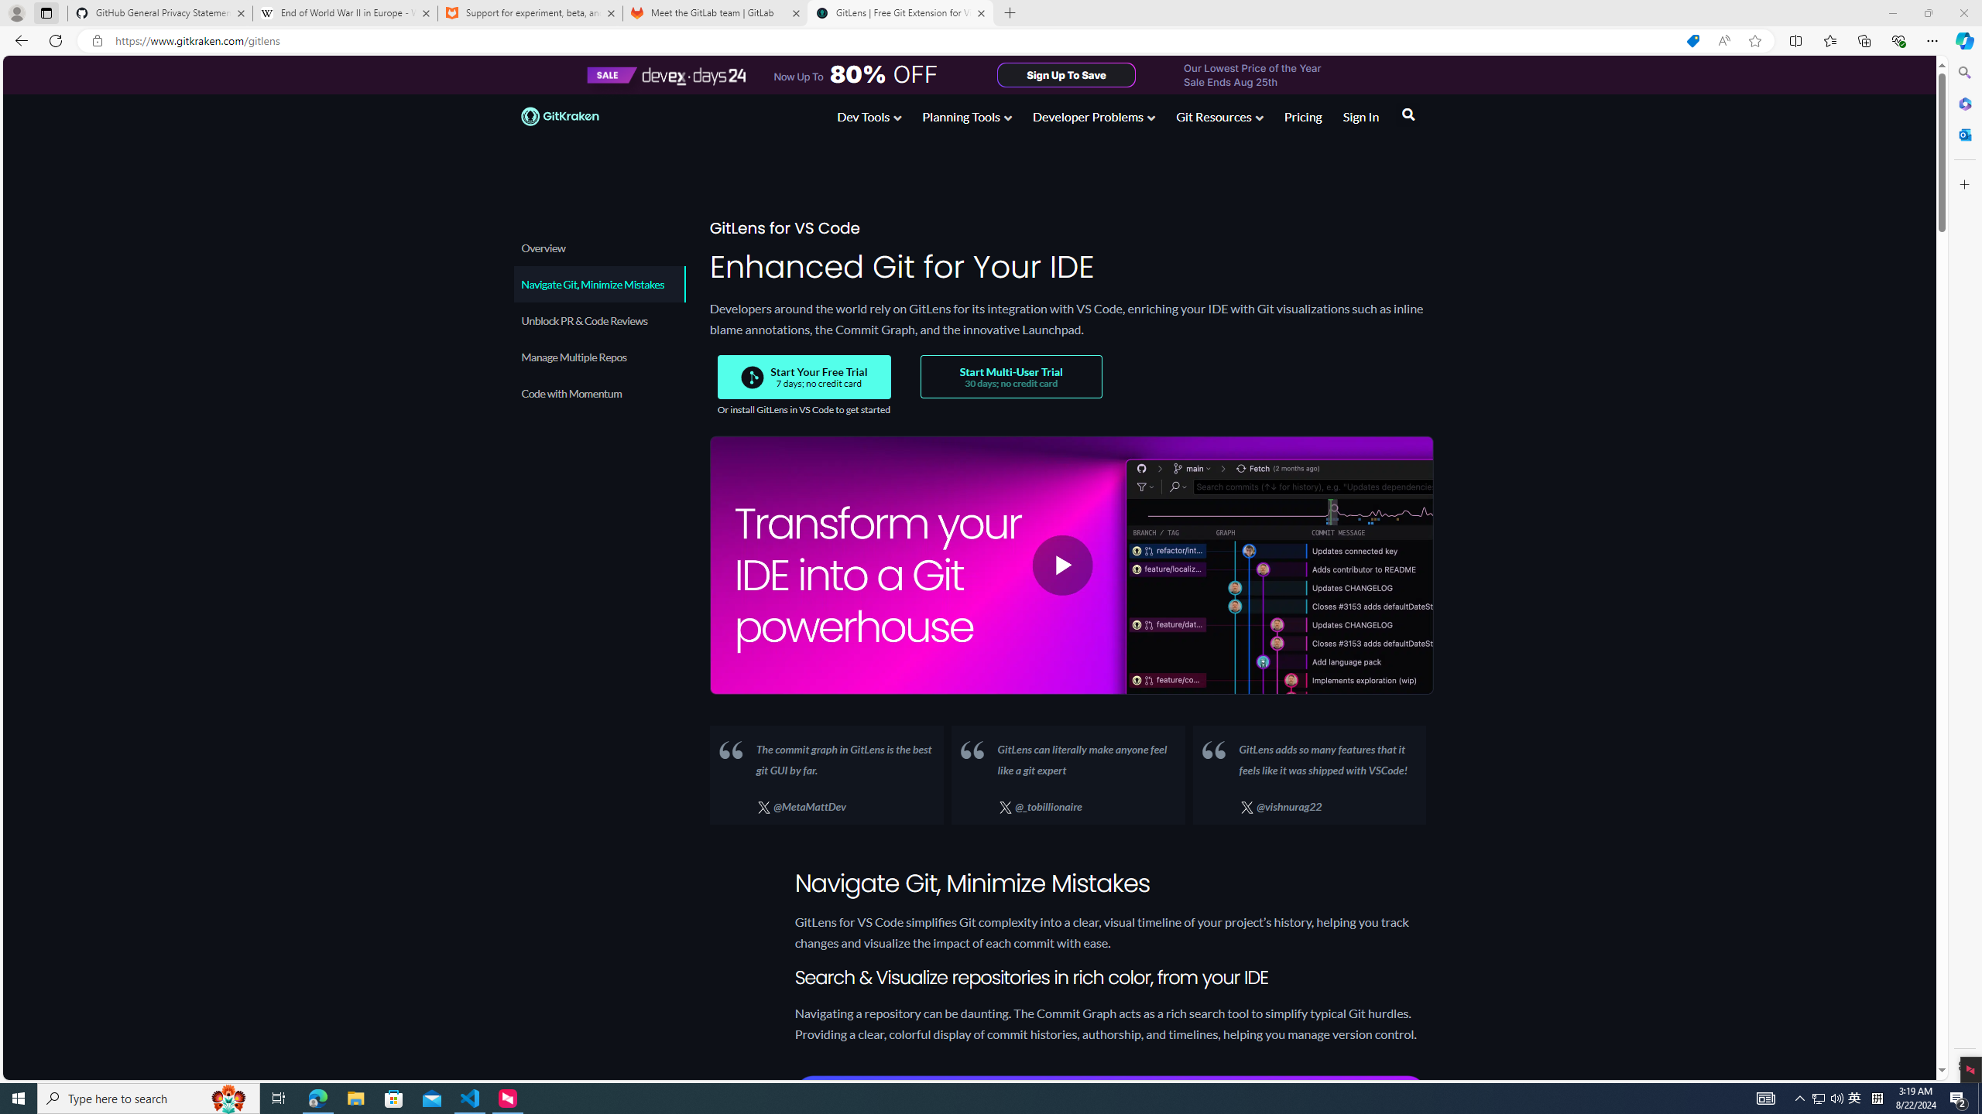 The image size is (1982, 1114). Describe the element at coordinates (599, 356) in the screenshot. I see `'Manage Multiple Repos'` at that location.